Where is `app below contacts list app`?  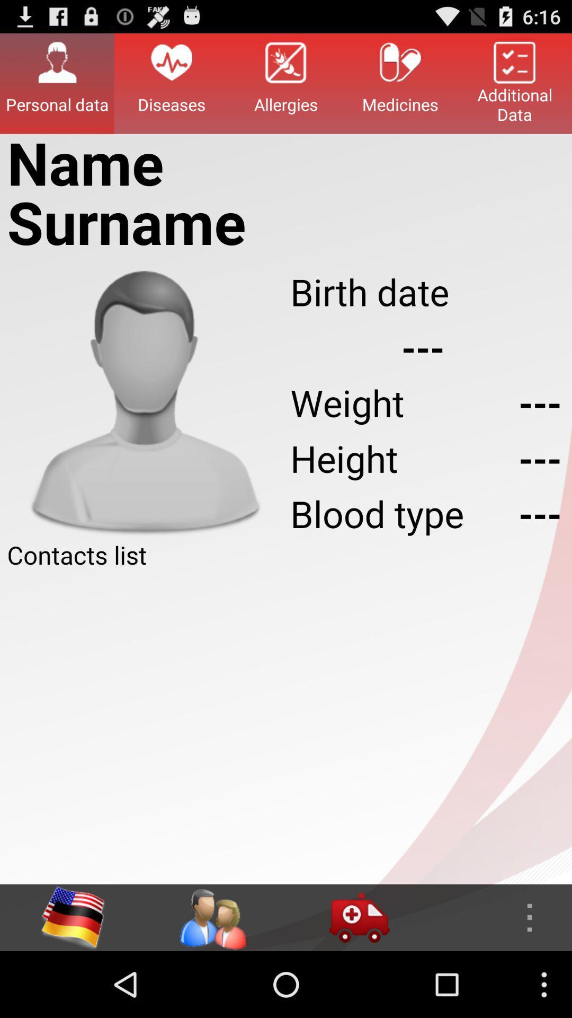 app below contacts list app is located at coordinates (286, 727).